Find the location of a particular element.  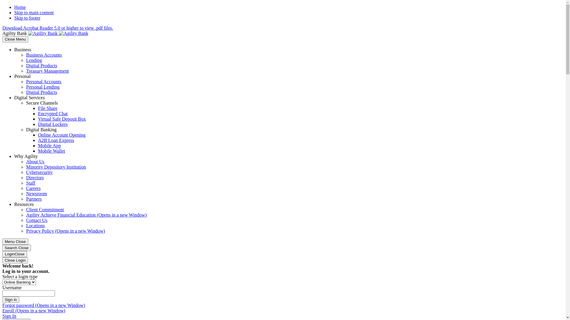

'Cybersecurity' is located at coordinates (39, 172).